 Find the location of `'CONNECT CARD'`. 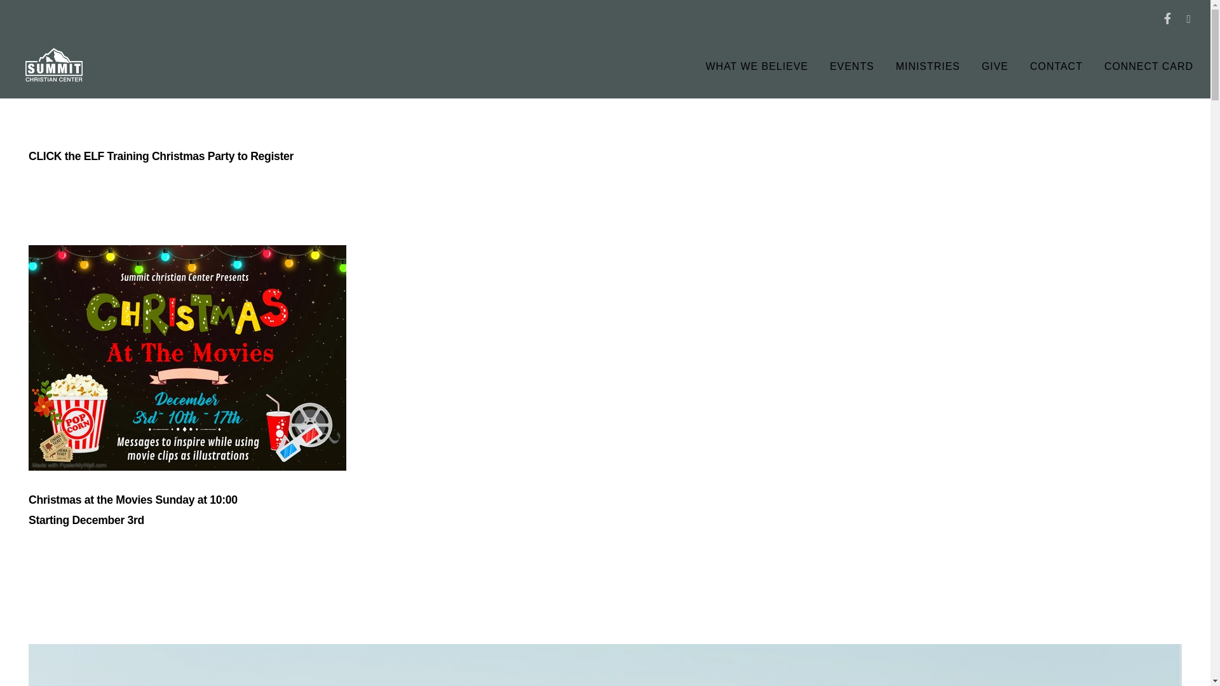

'CONNECT CARD' is located at coordinates (1149, 66).